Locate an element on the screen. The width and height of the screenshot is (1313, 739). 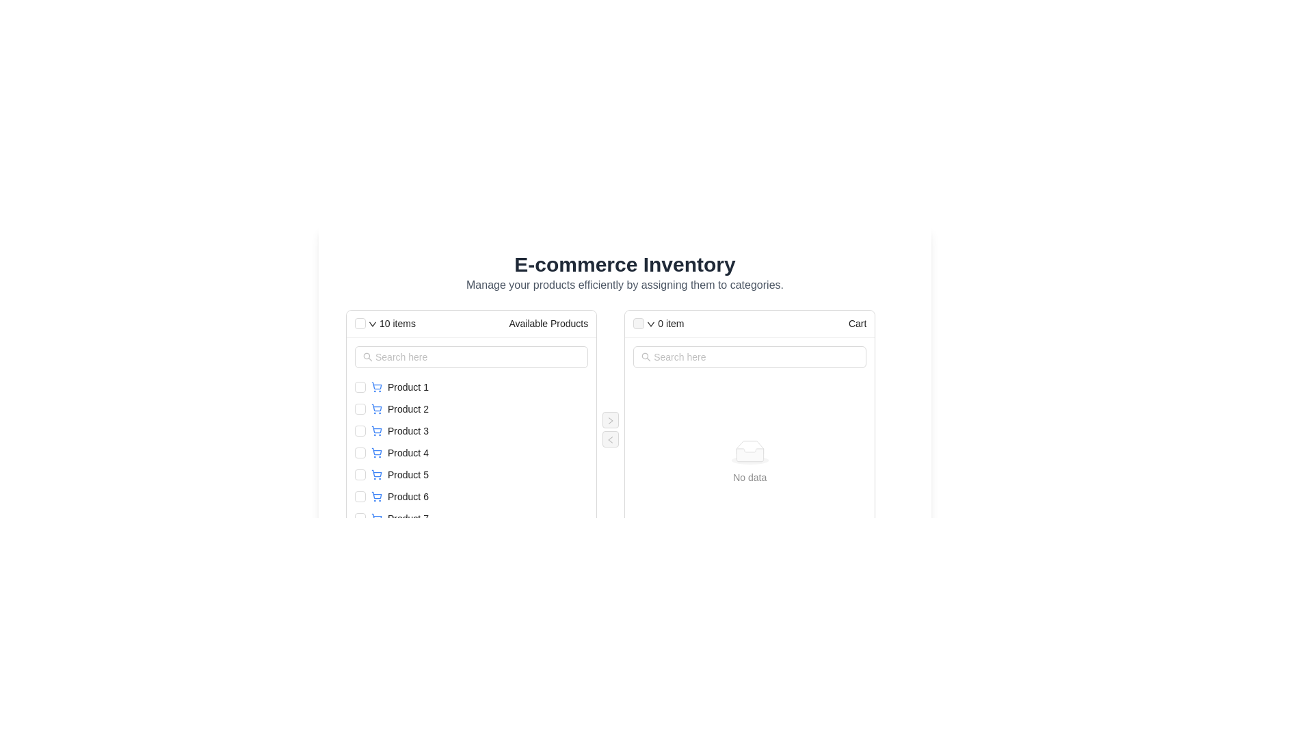
the small blue shopping cart icon located to the left of the text 'Product 2'. It is the leftmost icon in the row and aligns vertically with the text is located at coordinates (377, 408).